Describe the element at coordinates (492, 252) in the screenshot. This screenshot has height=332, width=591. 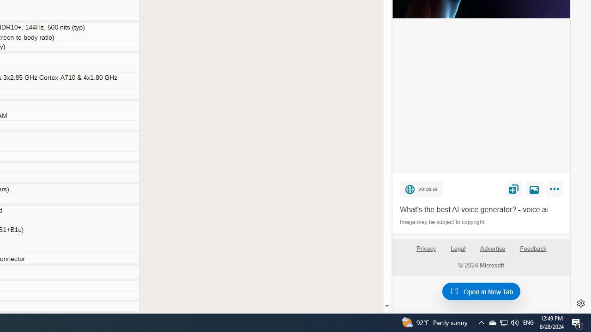
I see `'Advertise'` at that location.